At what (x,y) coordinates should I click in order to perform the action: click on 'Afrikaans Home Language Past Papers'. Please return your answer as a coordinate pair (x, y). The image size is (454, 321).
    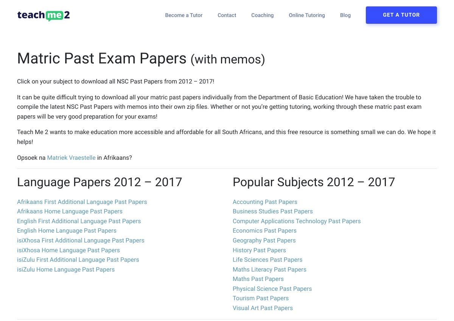
    Looking at the image, I should click on (69, 211).